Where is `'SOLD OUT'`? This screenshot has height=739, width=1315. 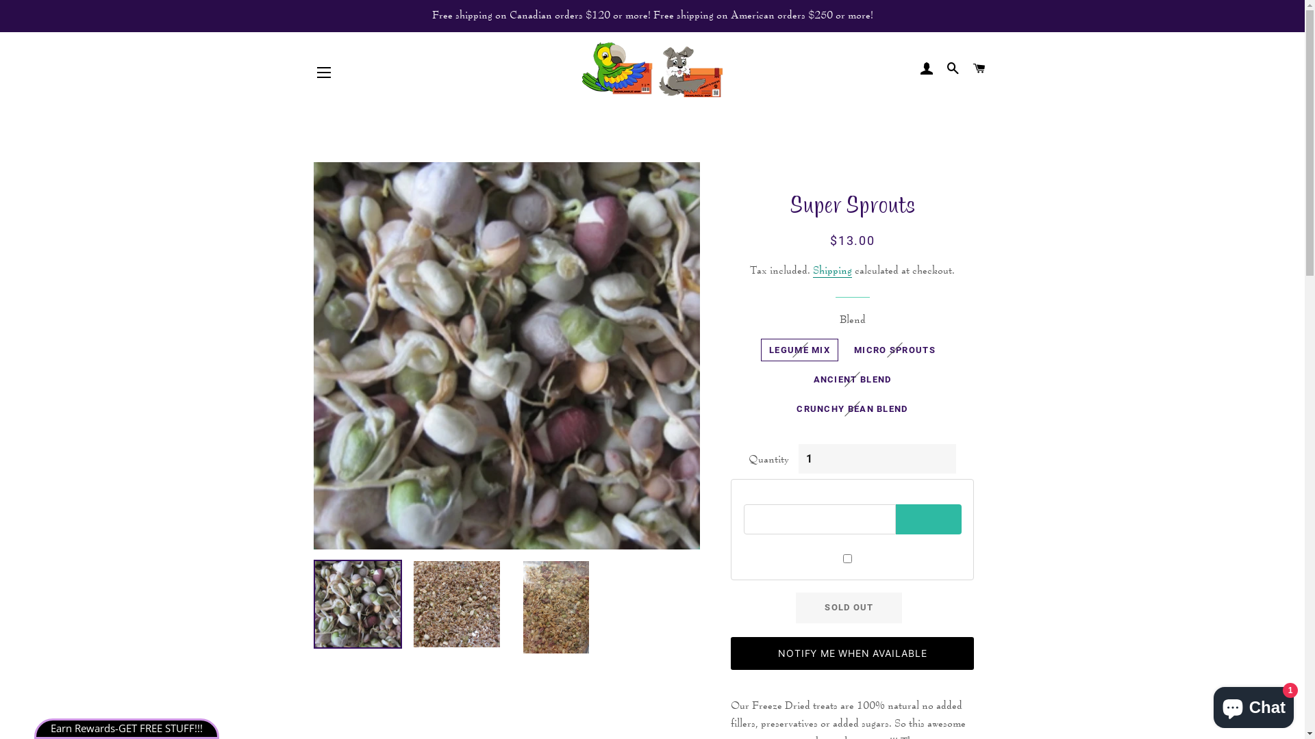
'SOLD OUT' is located at coordinates (848, 606).